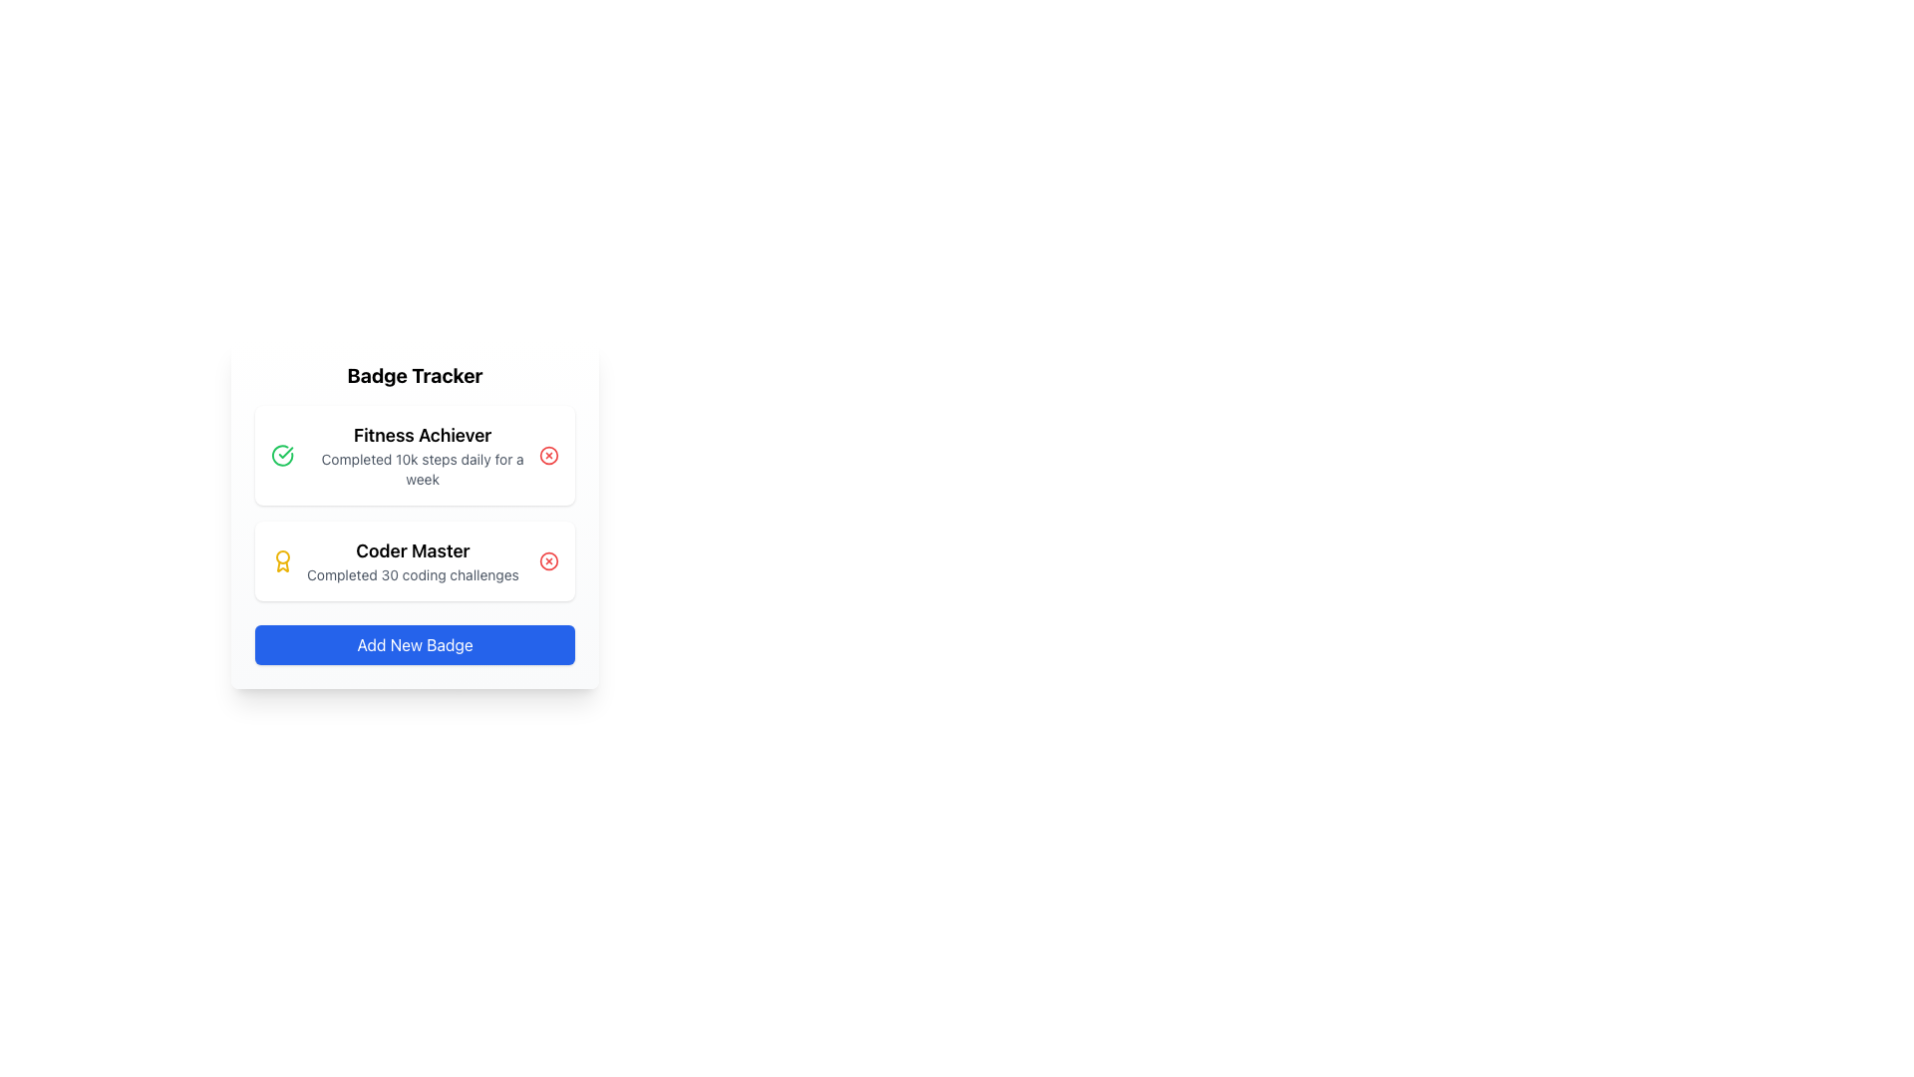 Image resolution: width=1914 pixels, height=1077 pixels. Describe the element at coordinates (422, 455) in the screenshot. I see `achievement information displayed in the 'Fitness Achiever' text section, which includes the title and supporting text, located in the 'Badge Tracker' interface` at that location.